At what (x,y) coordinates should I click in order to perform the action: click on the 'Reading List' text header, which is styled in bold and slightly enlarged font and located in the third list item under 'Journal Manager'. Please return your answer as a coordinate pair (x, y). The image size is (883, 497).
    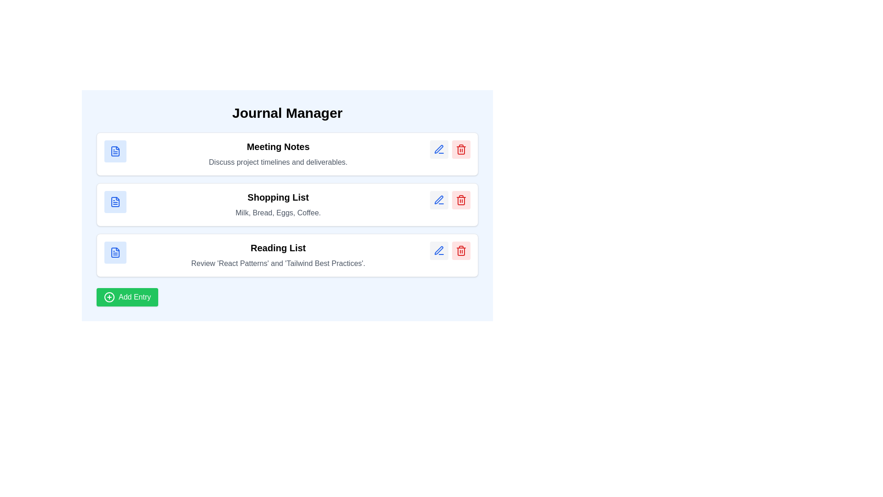
    Looking at the image, I should click on (277, 248).